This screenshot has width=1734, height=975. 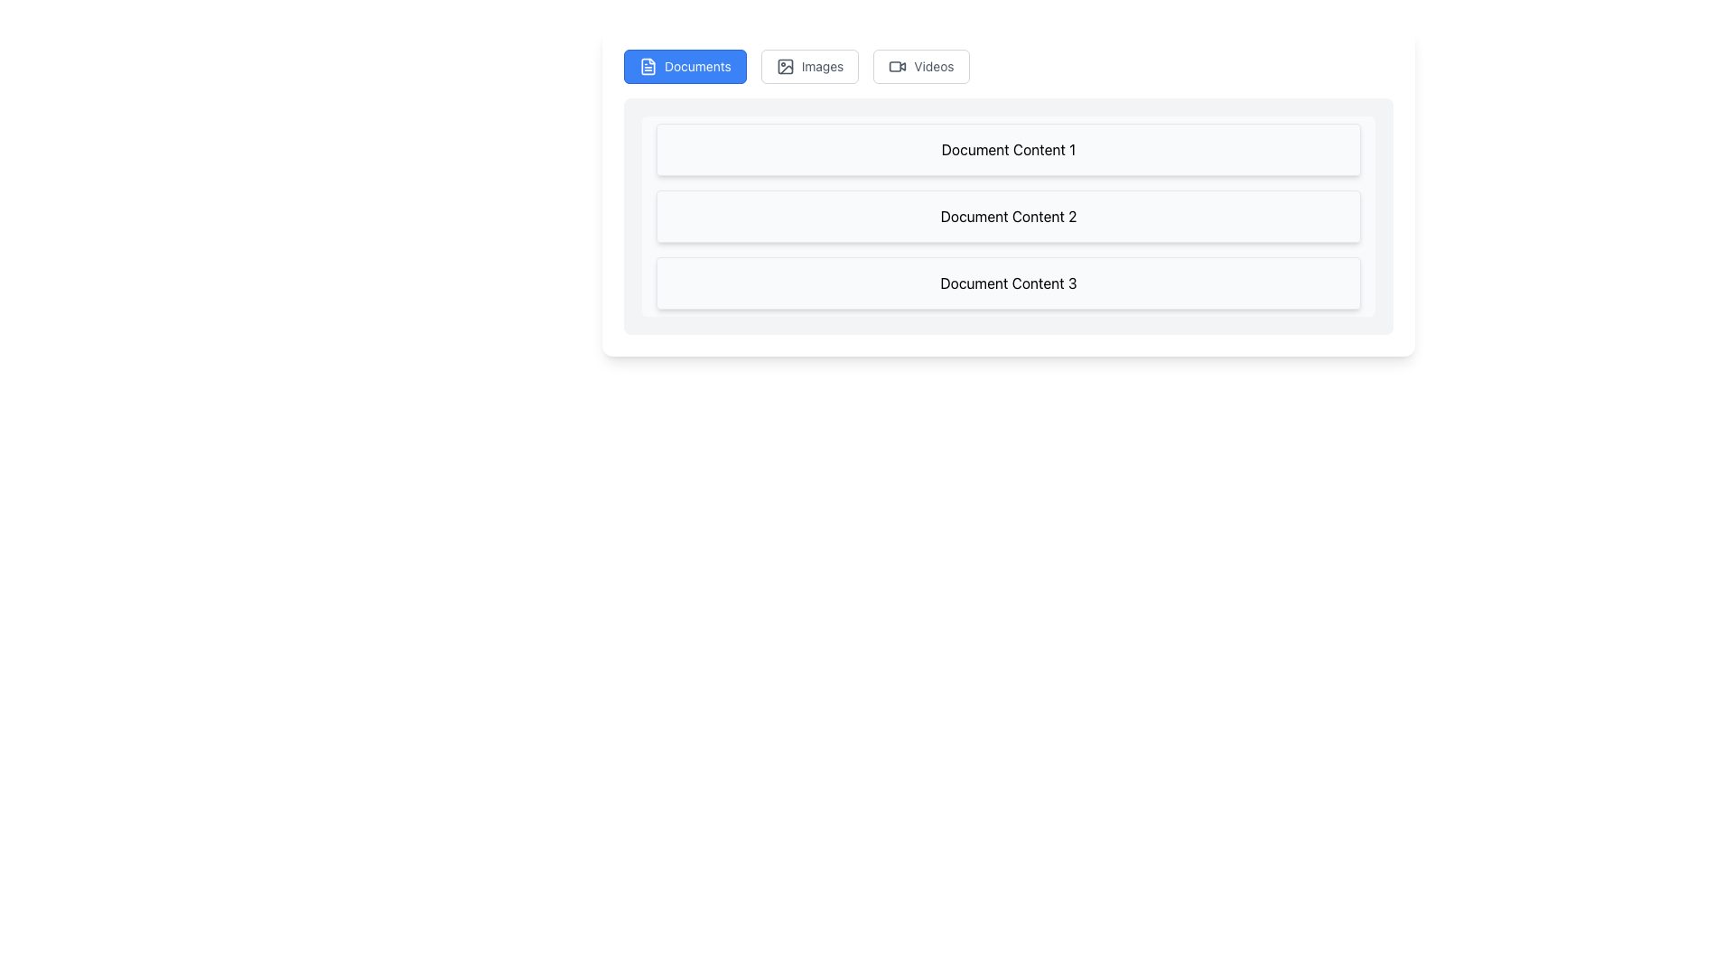 I want to click on the 'Documents' tab in the navigation bar, so click(x=1008, y=65).